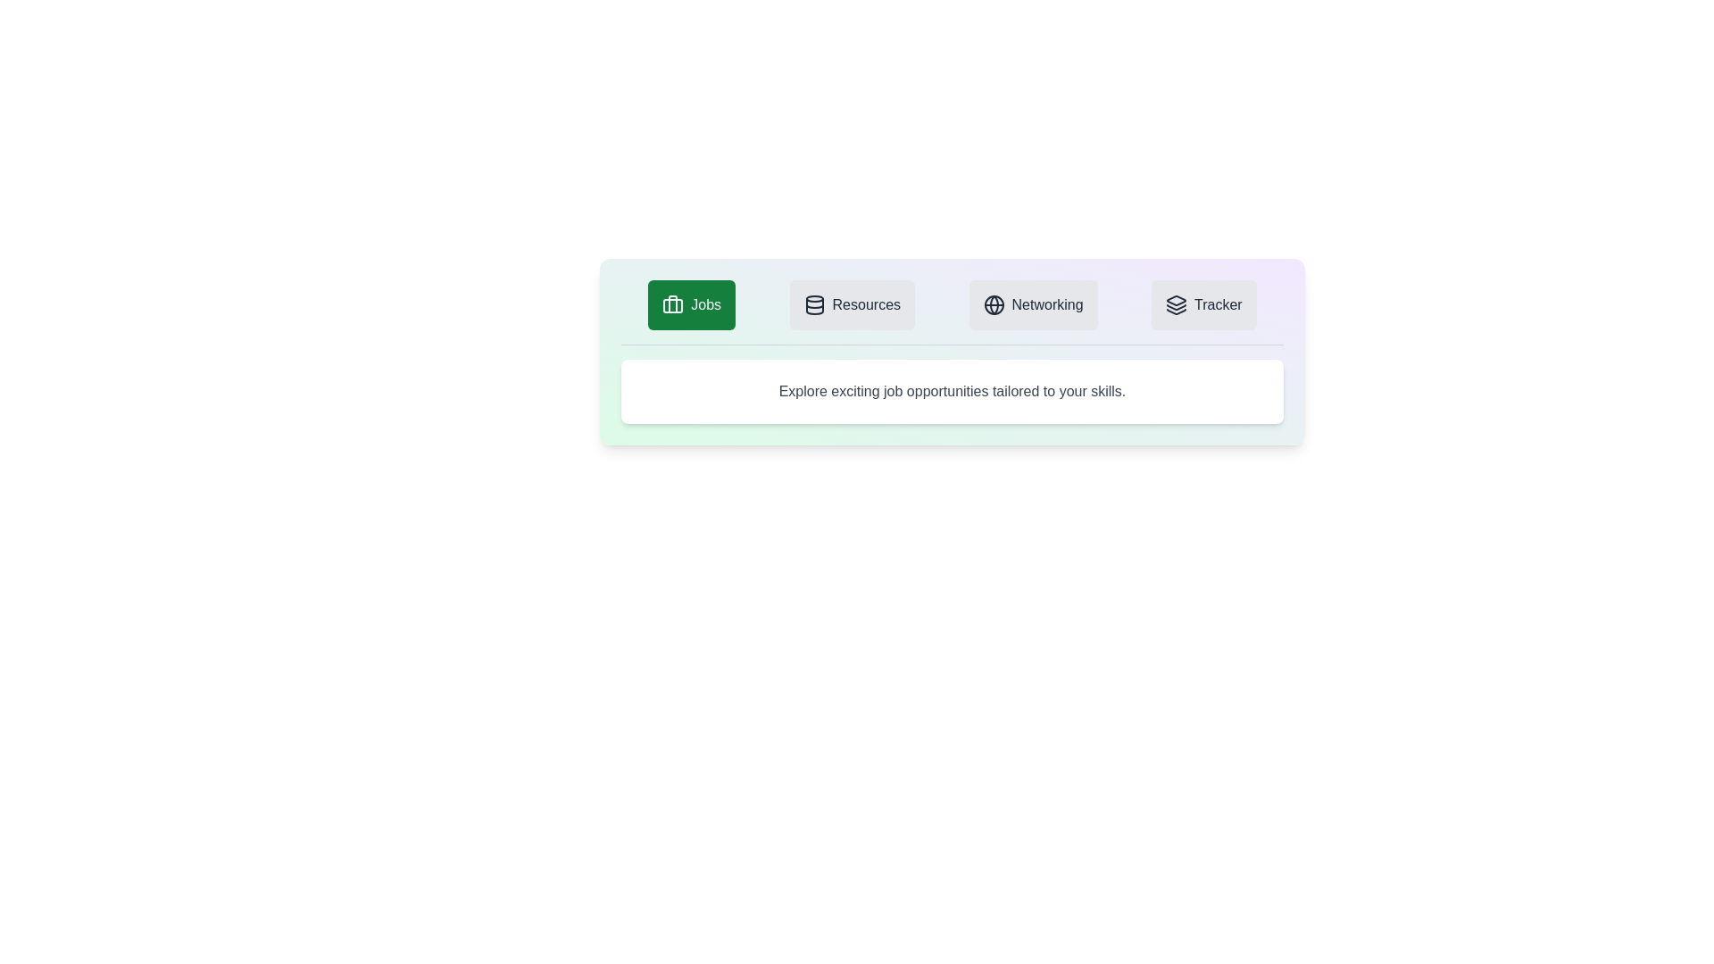  I want to click on the icon of the Jobs tab, so click(672, 304).